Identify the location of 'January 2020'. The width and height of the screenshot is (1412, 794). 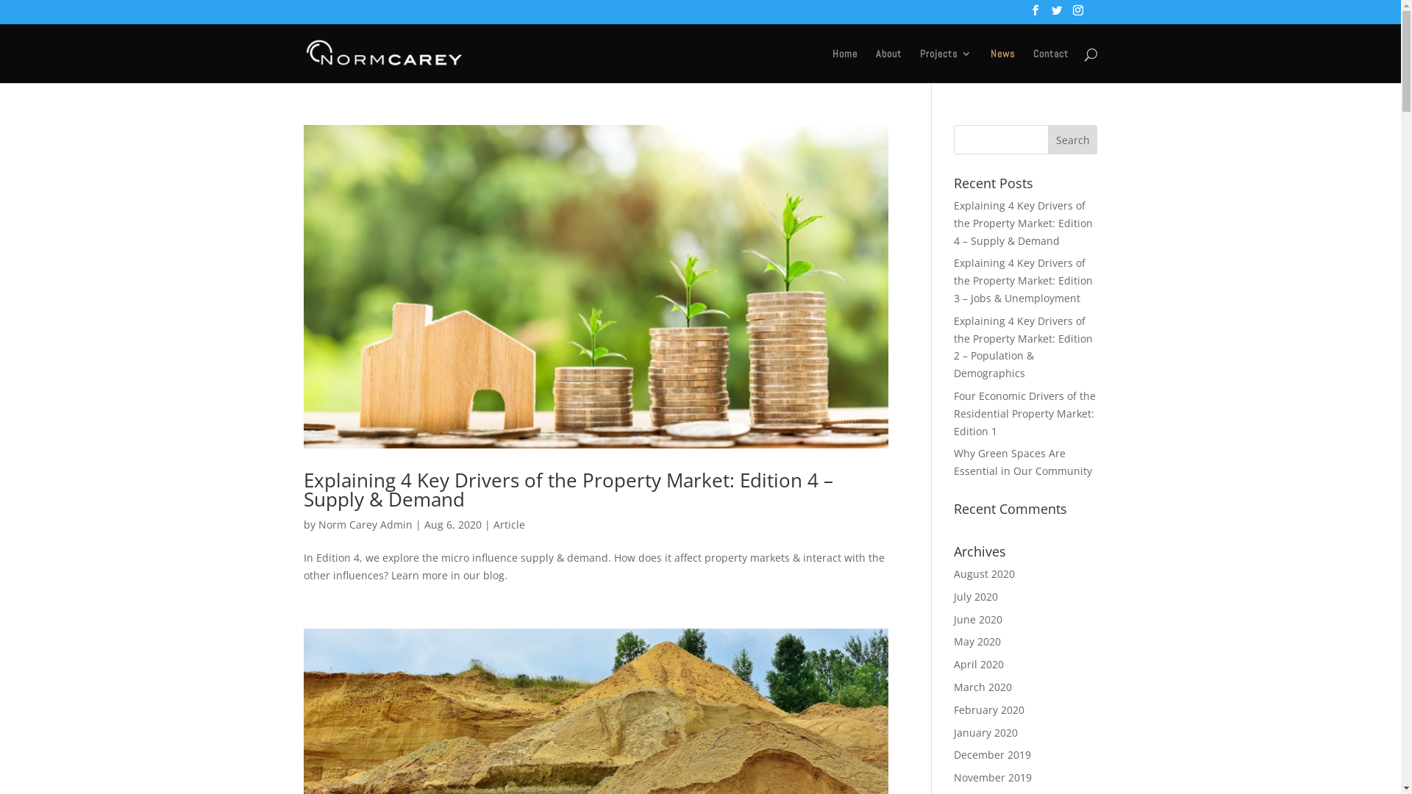
(953, 732).